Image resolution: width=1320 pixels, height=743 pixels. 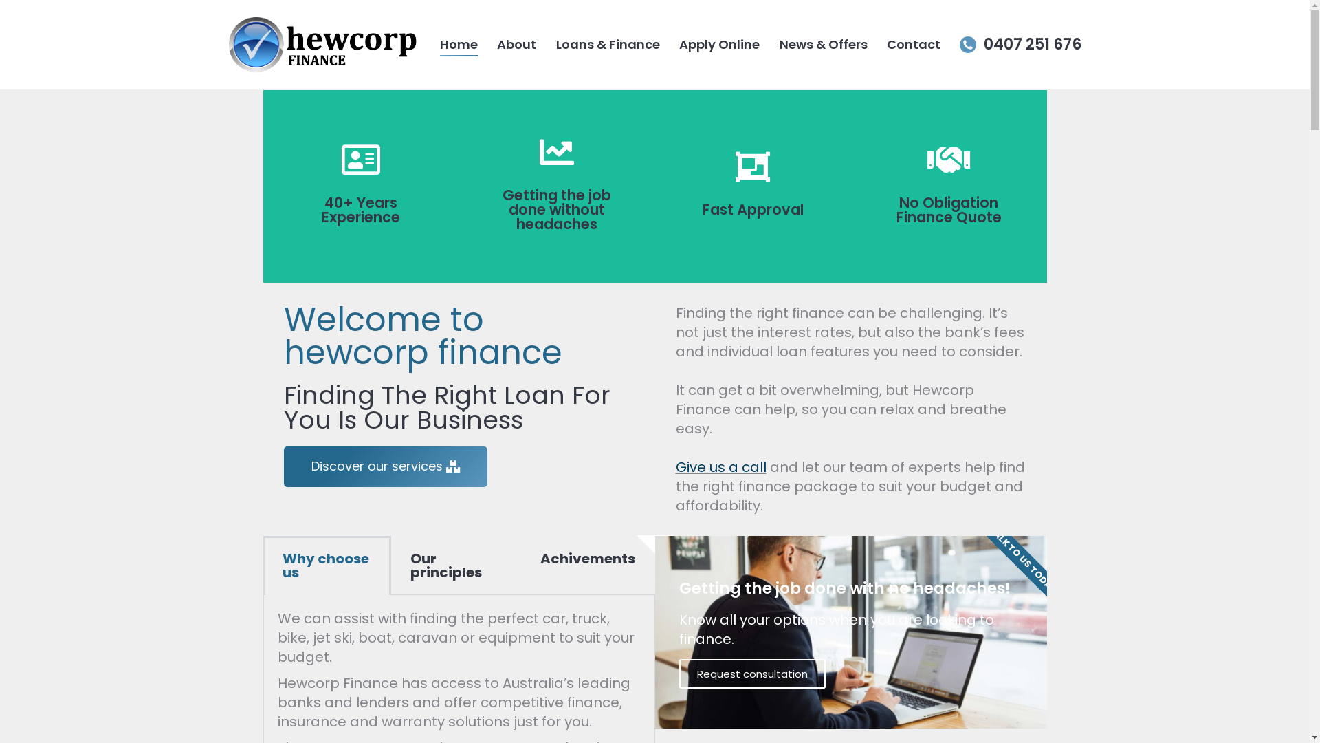 I want to click on 'About', so click(x=516, y=44).